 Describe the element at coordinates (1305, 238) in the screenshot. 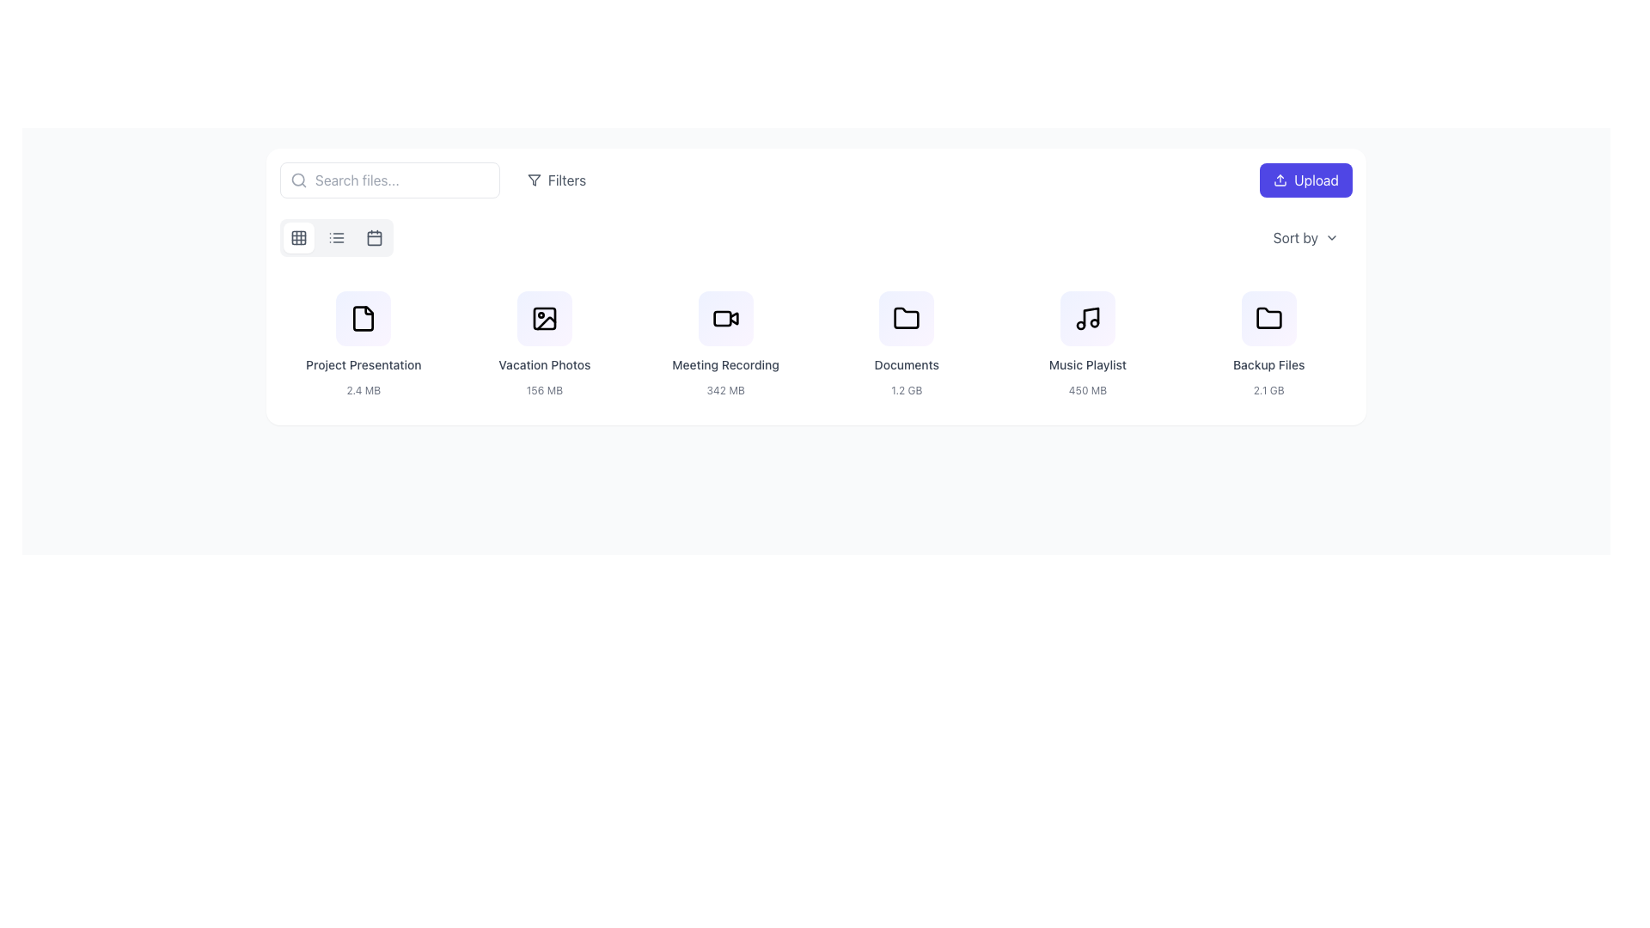

I see `the 'Sort by' dropdown menu trigger` at that location.